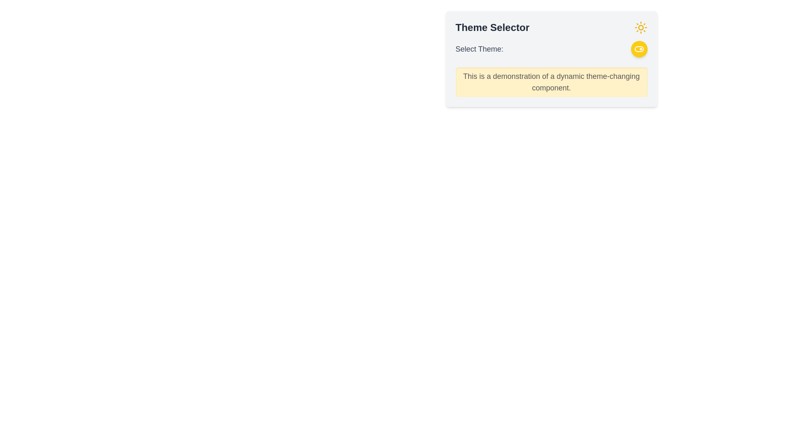 The image size is (794, 446). I want to click on the Background element of the toggle switch interface located in the top-right corner of the 'Theme Selector' card, so click(639, 49).